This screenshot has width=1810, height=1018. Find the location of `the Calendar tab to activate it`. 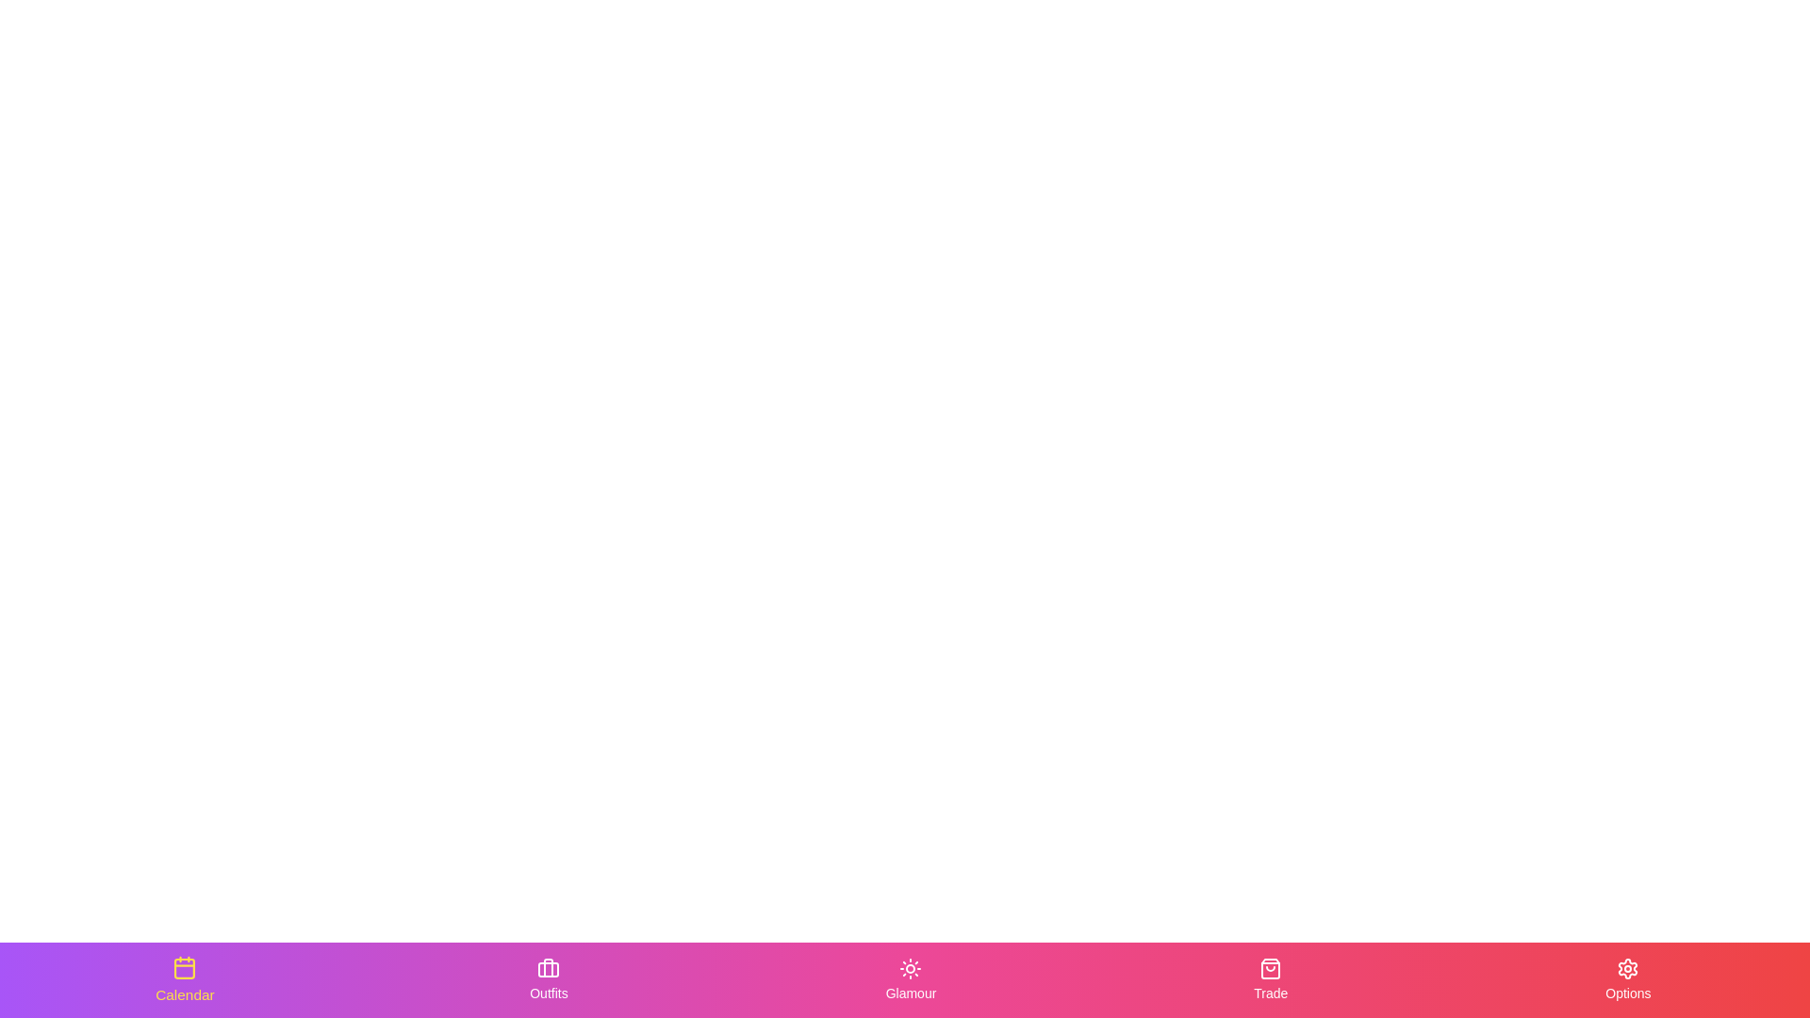

the Calendar tab to activate it is located at coordinates (185, 979).